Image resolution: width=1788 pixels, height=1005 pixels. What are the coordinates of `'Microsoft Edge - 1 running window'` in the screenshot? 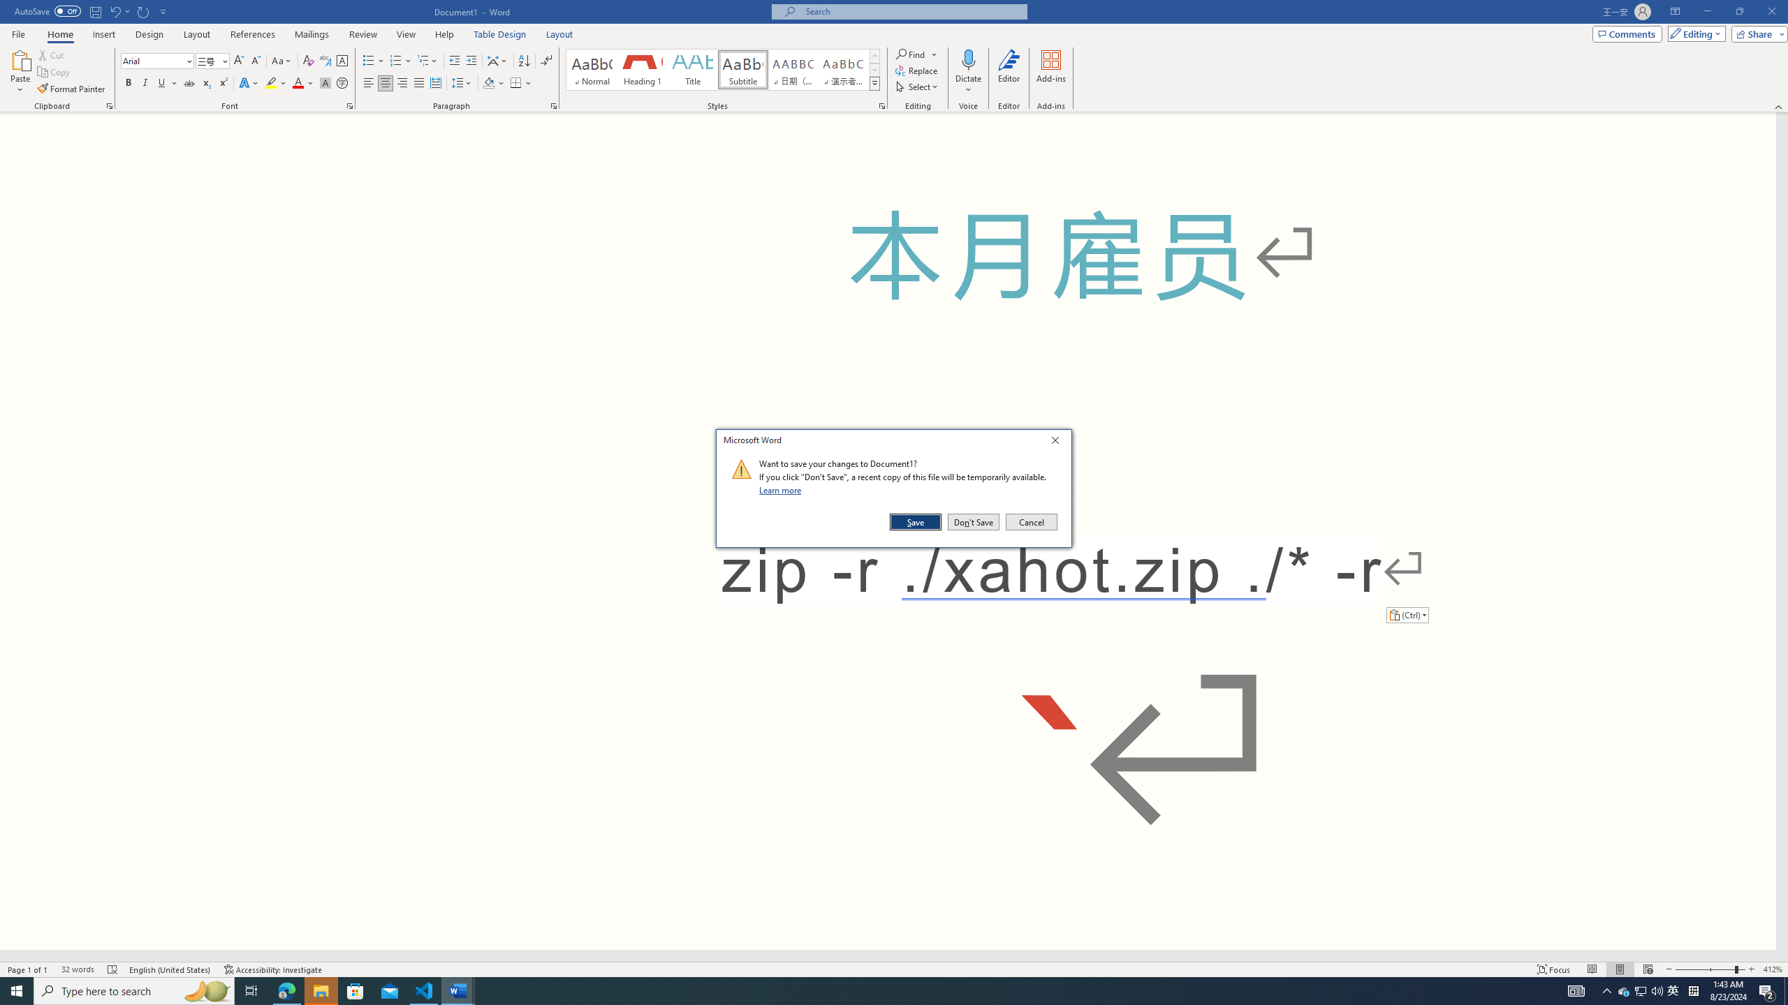 It's located at (286, 990).